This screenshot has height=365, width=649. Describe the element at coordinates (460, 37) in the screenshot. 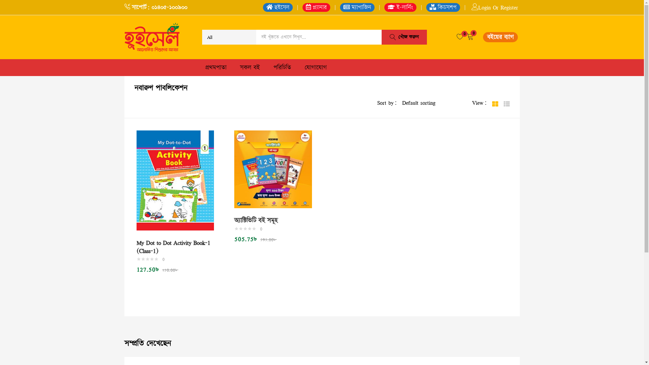

I see `'0'` at that location.